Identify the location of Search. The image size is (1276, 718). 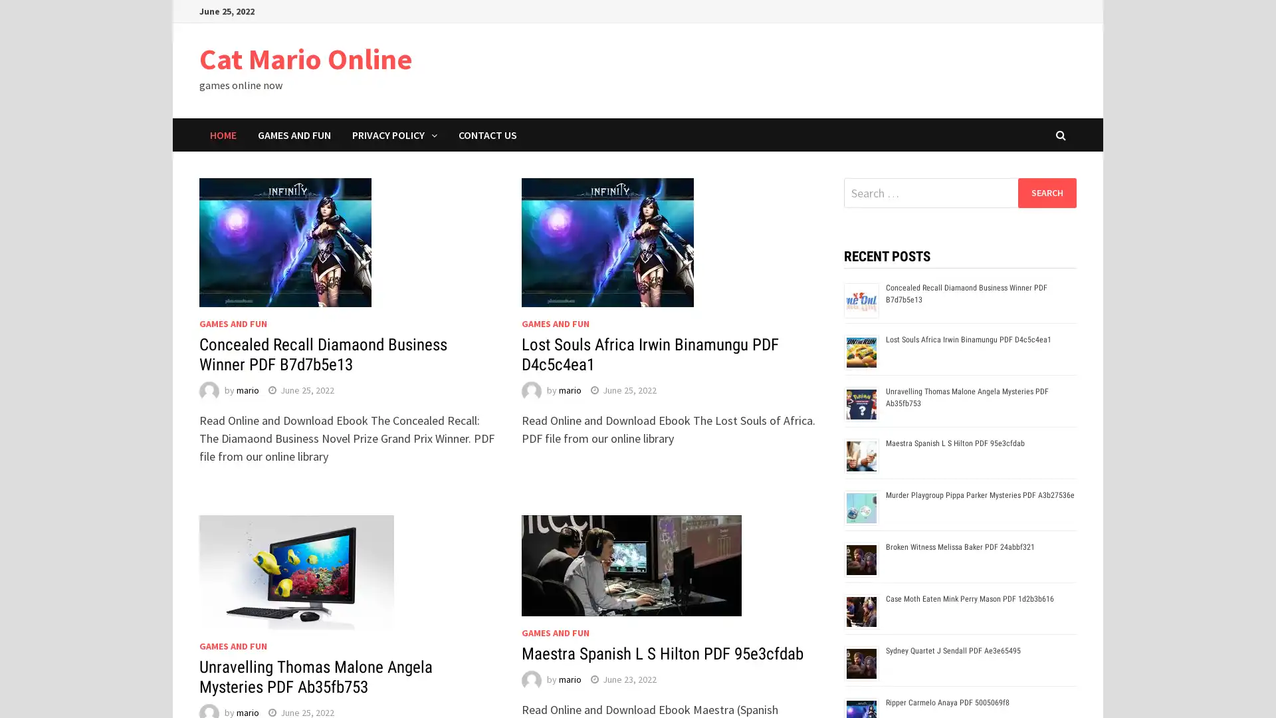
(1046, 192).